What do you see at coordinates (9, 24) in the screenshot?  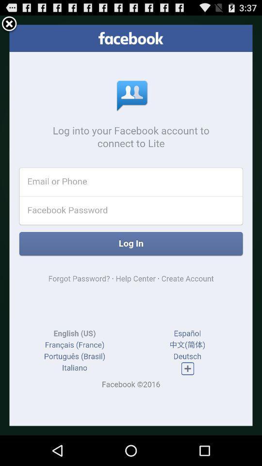 I see `window` at bounding box center [9, 24].